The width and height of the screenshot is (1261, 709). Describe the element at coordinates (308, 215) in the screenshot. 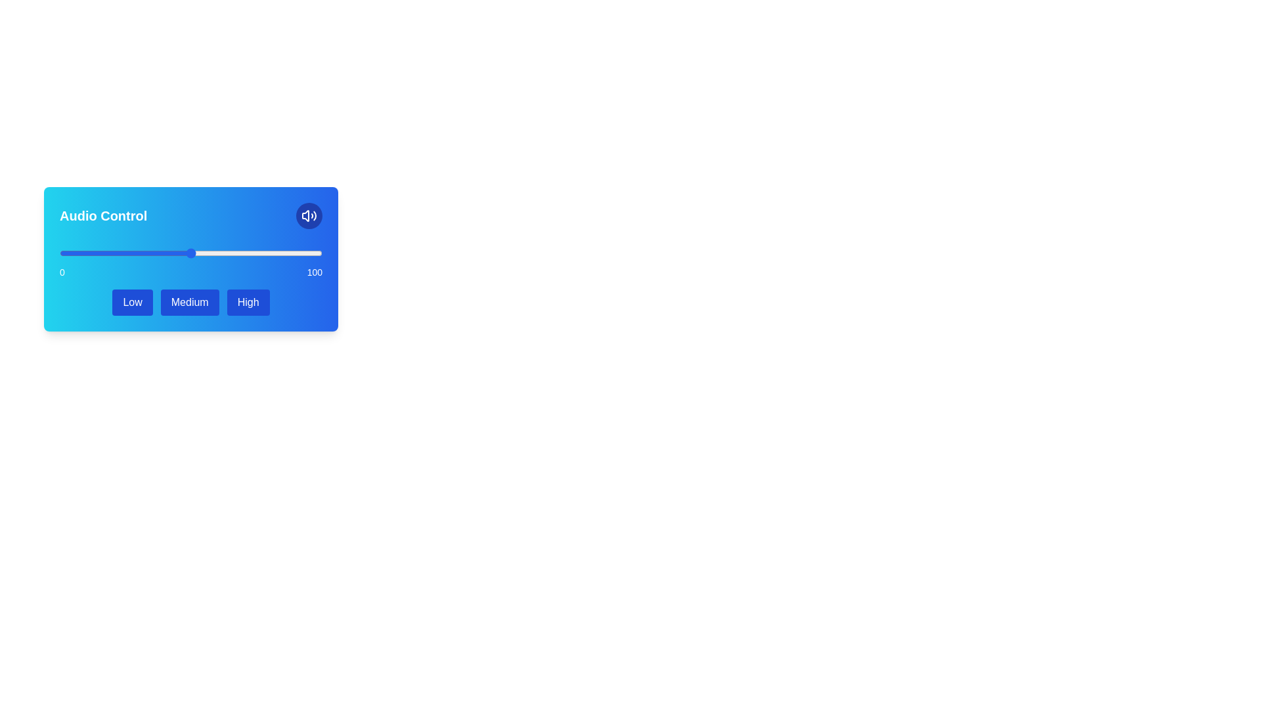

I see `the circular dark blue button with a white speaker icon in the top-right corner of the 'Audio Control' section` at that location.